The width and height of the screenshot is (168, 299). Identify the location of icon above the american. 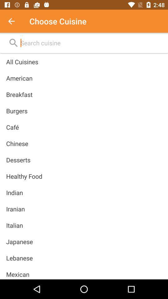
(22, 62).